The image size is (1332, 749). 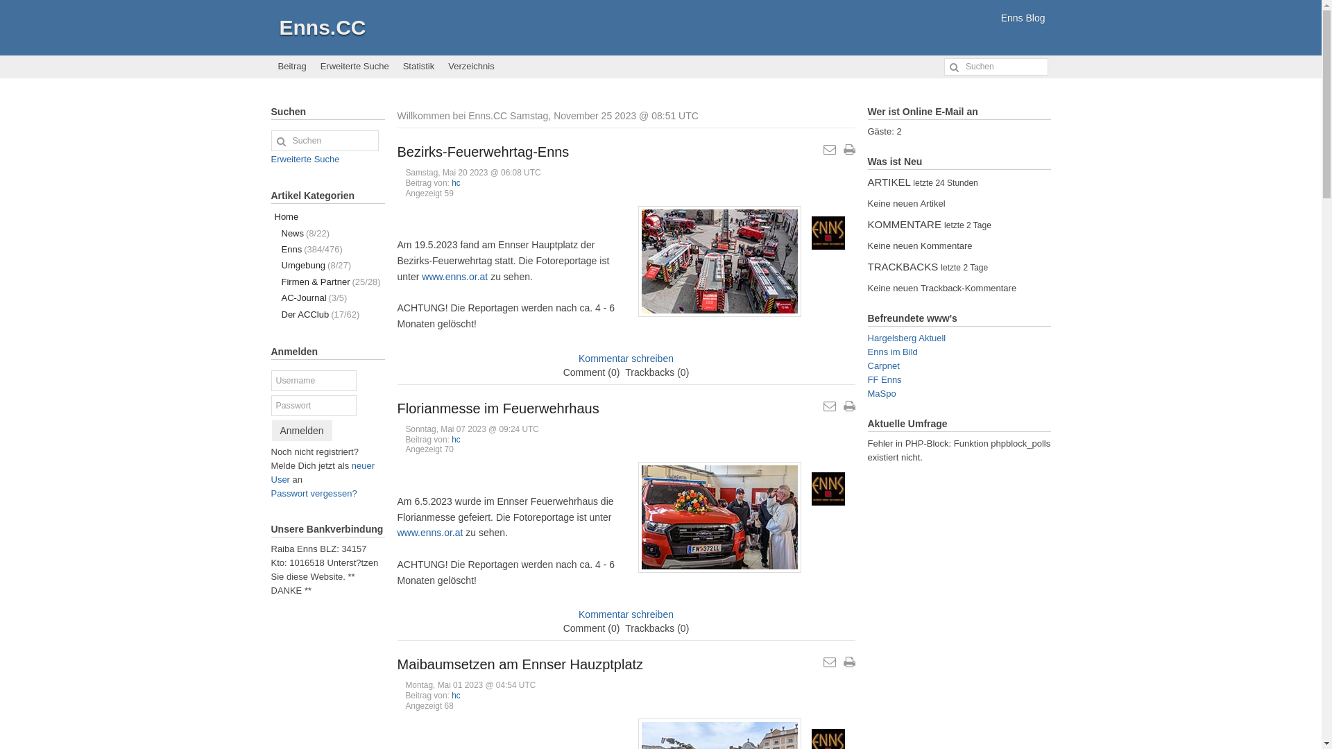 I want to click on 'Kommentar schreiben', so click(x=625, y=614).